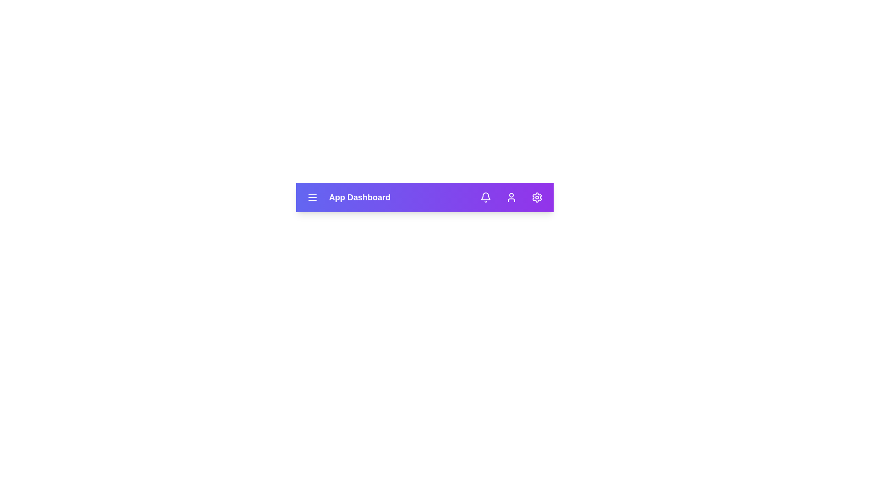 This screenshot has width=880, height=495. What do you see at coordinates (537, 197) in the screenshot?
I see `the Settings button to access the application preferences` at bounding box center [537, 197].